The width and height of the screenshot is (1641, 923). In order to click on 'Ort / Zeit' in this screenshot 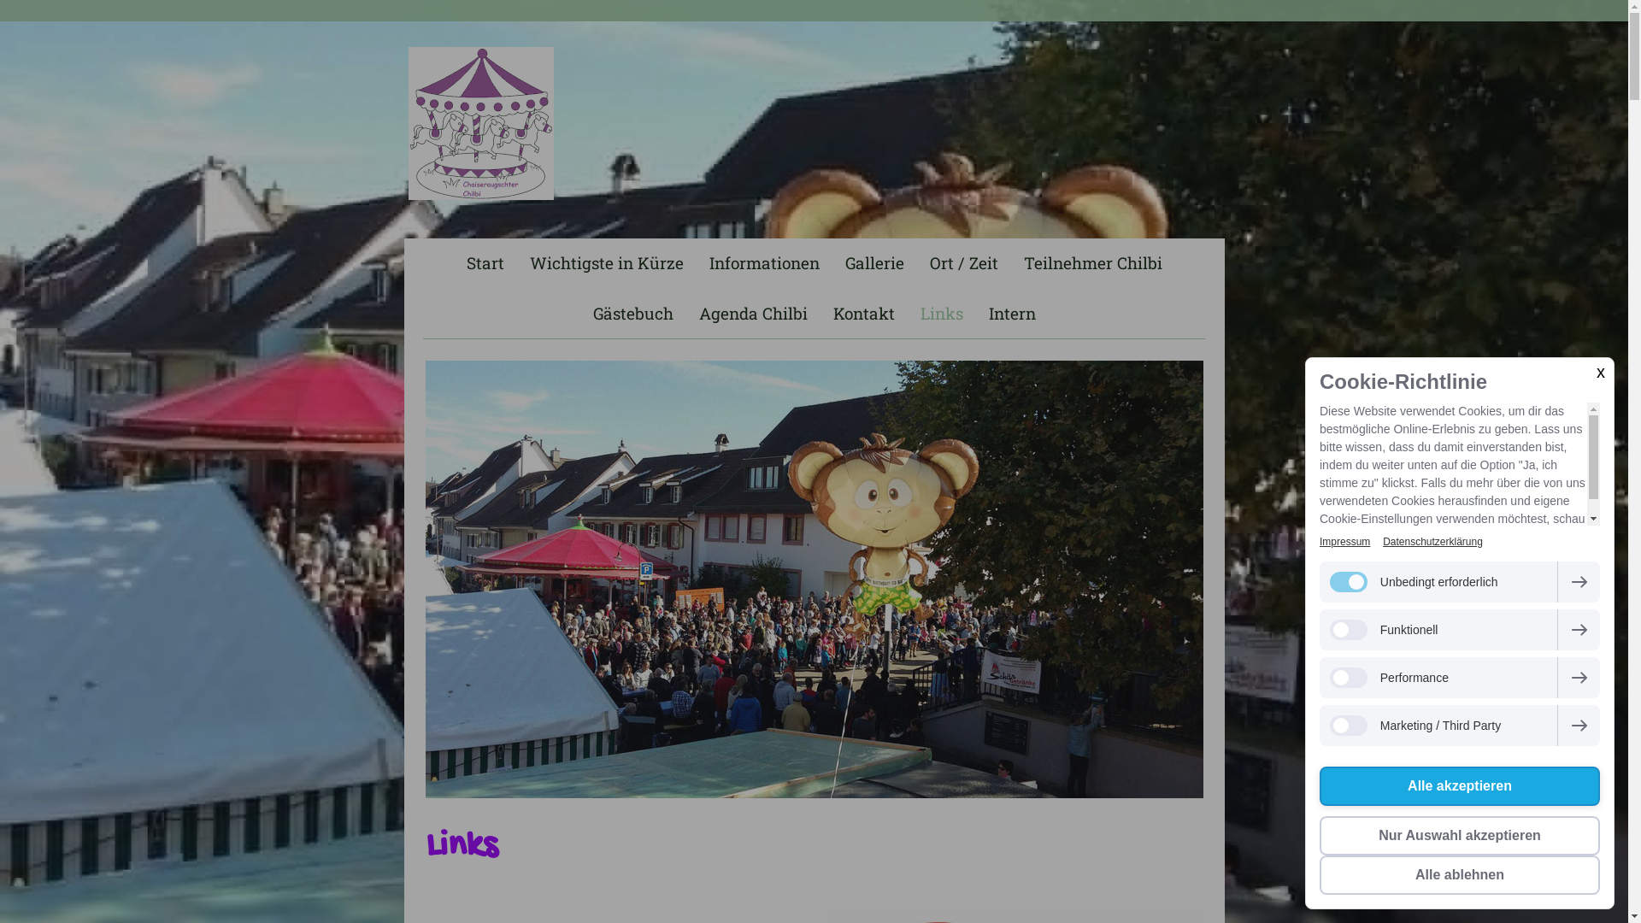, I will do `click(963, 263)`.